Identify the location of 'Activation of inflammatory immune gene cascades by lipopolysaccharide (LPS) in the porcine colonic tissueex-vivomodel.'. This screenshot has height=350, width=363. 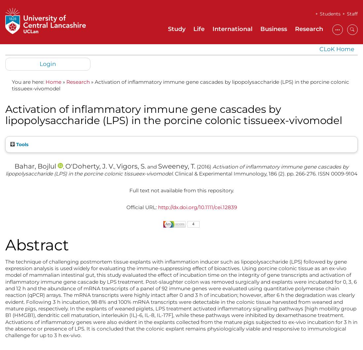
(5, 170).